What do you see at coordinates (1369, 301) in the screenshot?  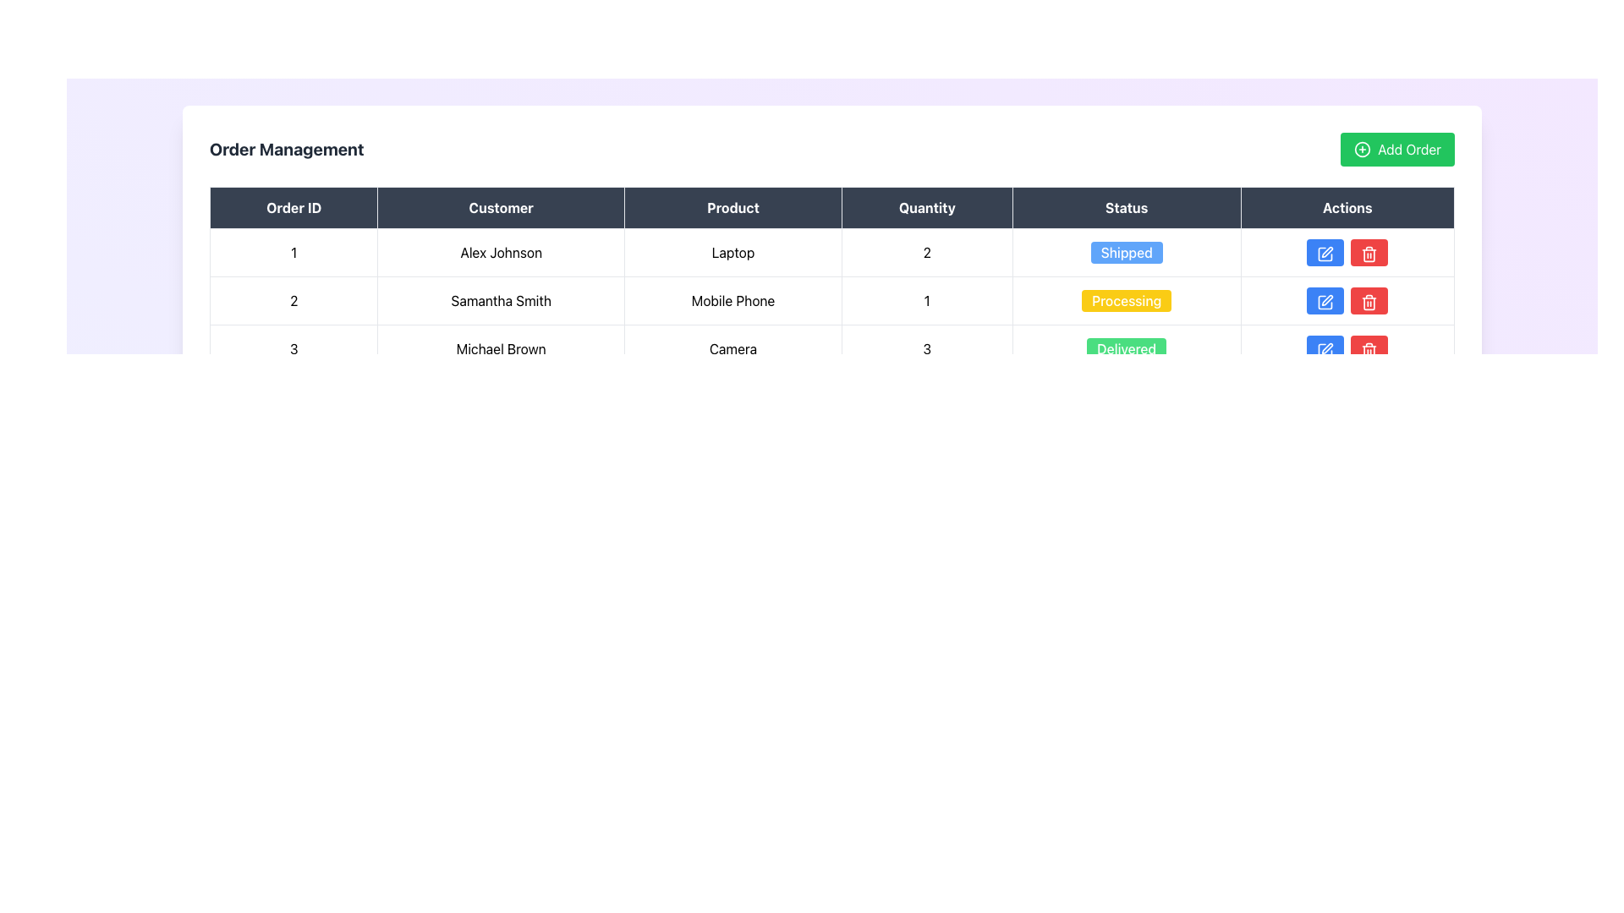 I see `the trash icon button in the Actions column of the third row of the table` at bounding box center [1369, 301].